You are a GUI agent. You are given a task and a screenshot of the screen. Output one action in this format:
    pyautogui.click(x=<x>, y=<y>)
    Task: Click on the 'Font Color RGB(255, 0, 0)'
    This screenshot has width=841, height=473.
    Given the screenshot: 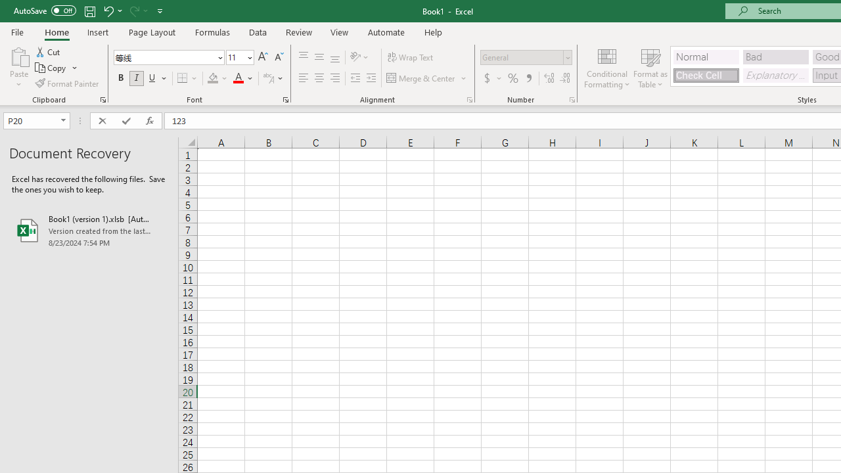 What is the action you would take?
    pyautogui.click(x=238, y=78)
    